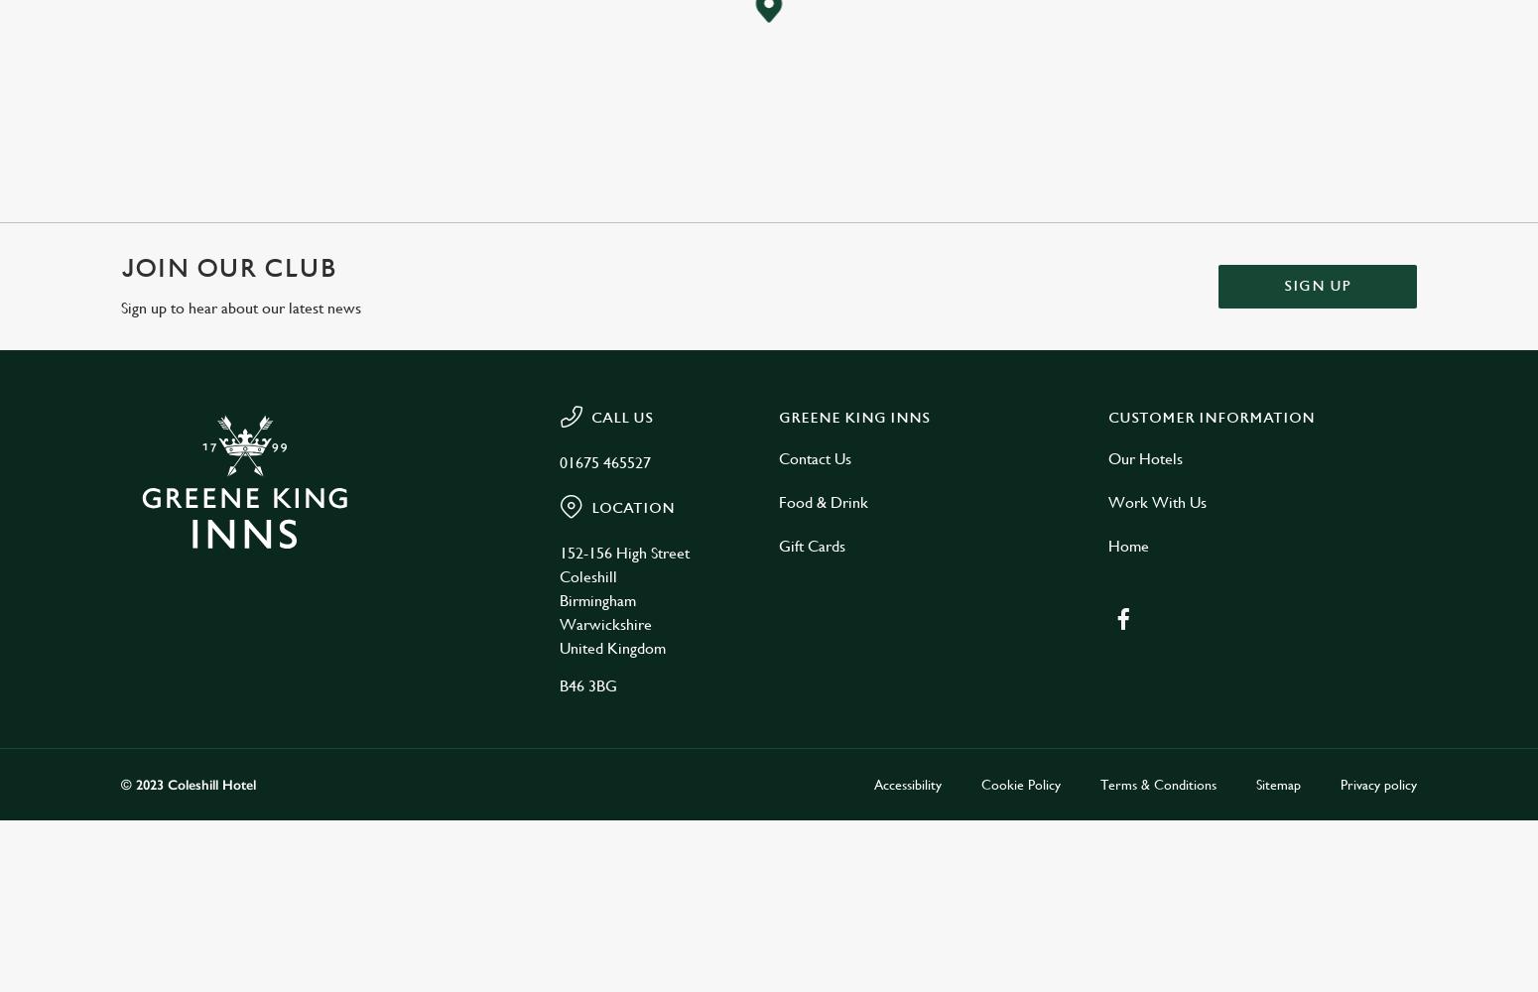  Describe the element at coordinates (1211, 418) in the screenshot. I see `'Customer Information'` at that location.